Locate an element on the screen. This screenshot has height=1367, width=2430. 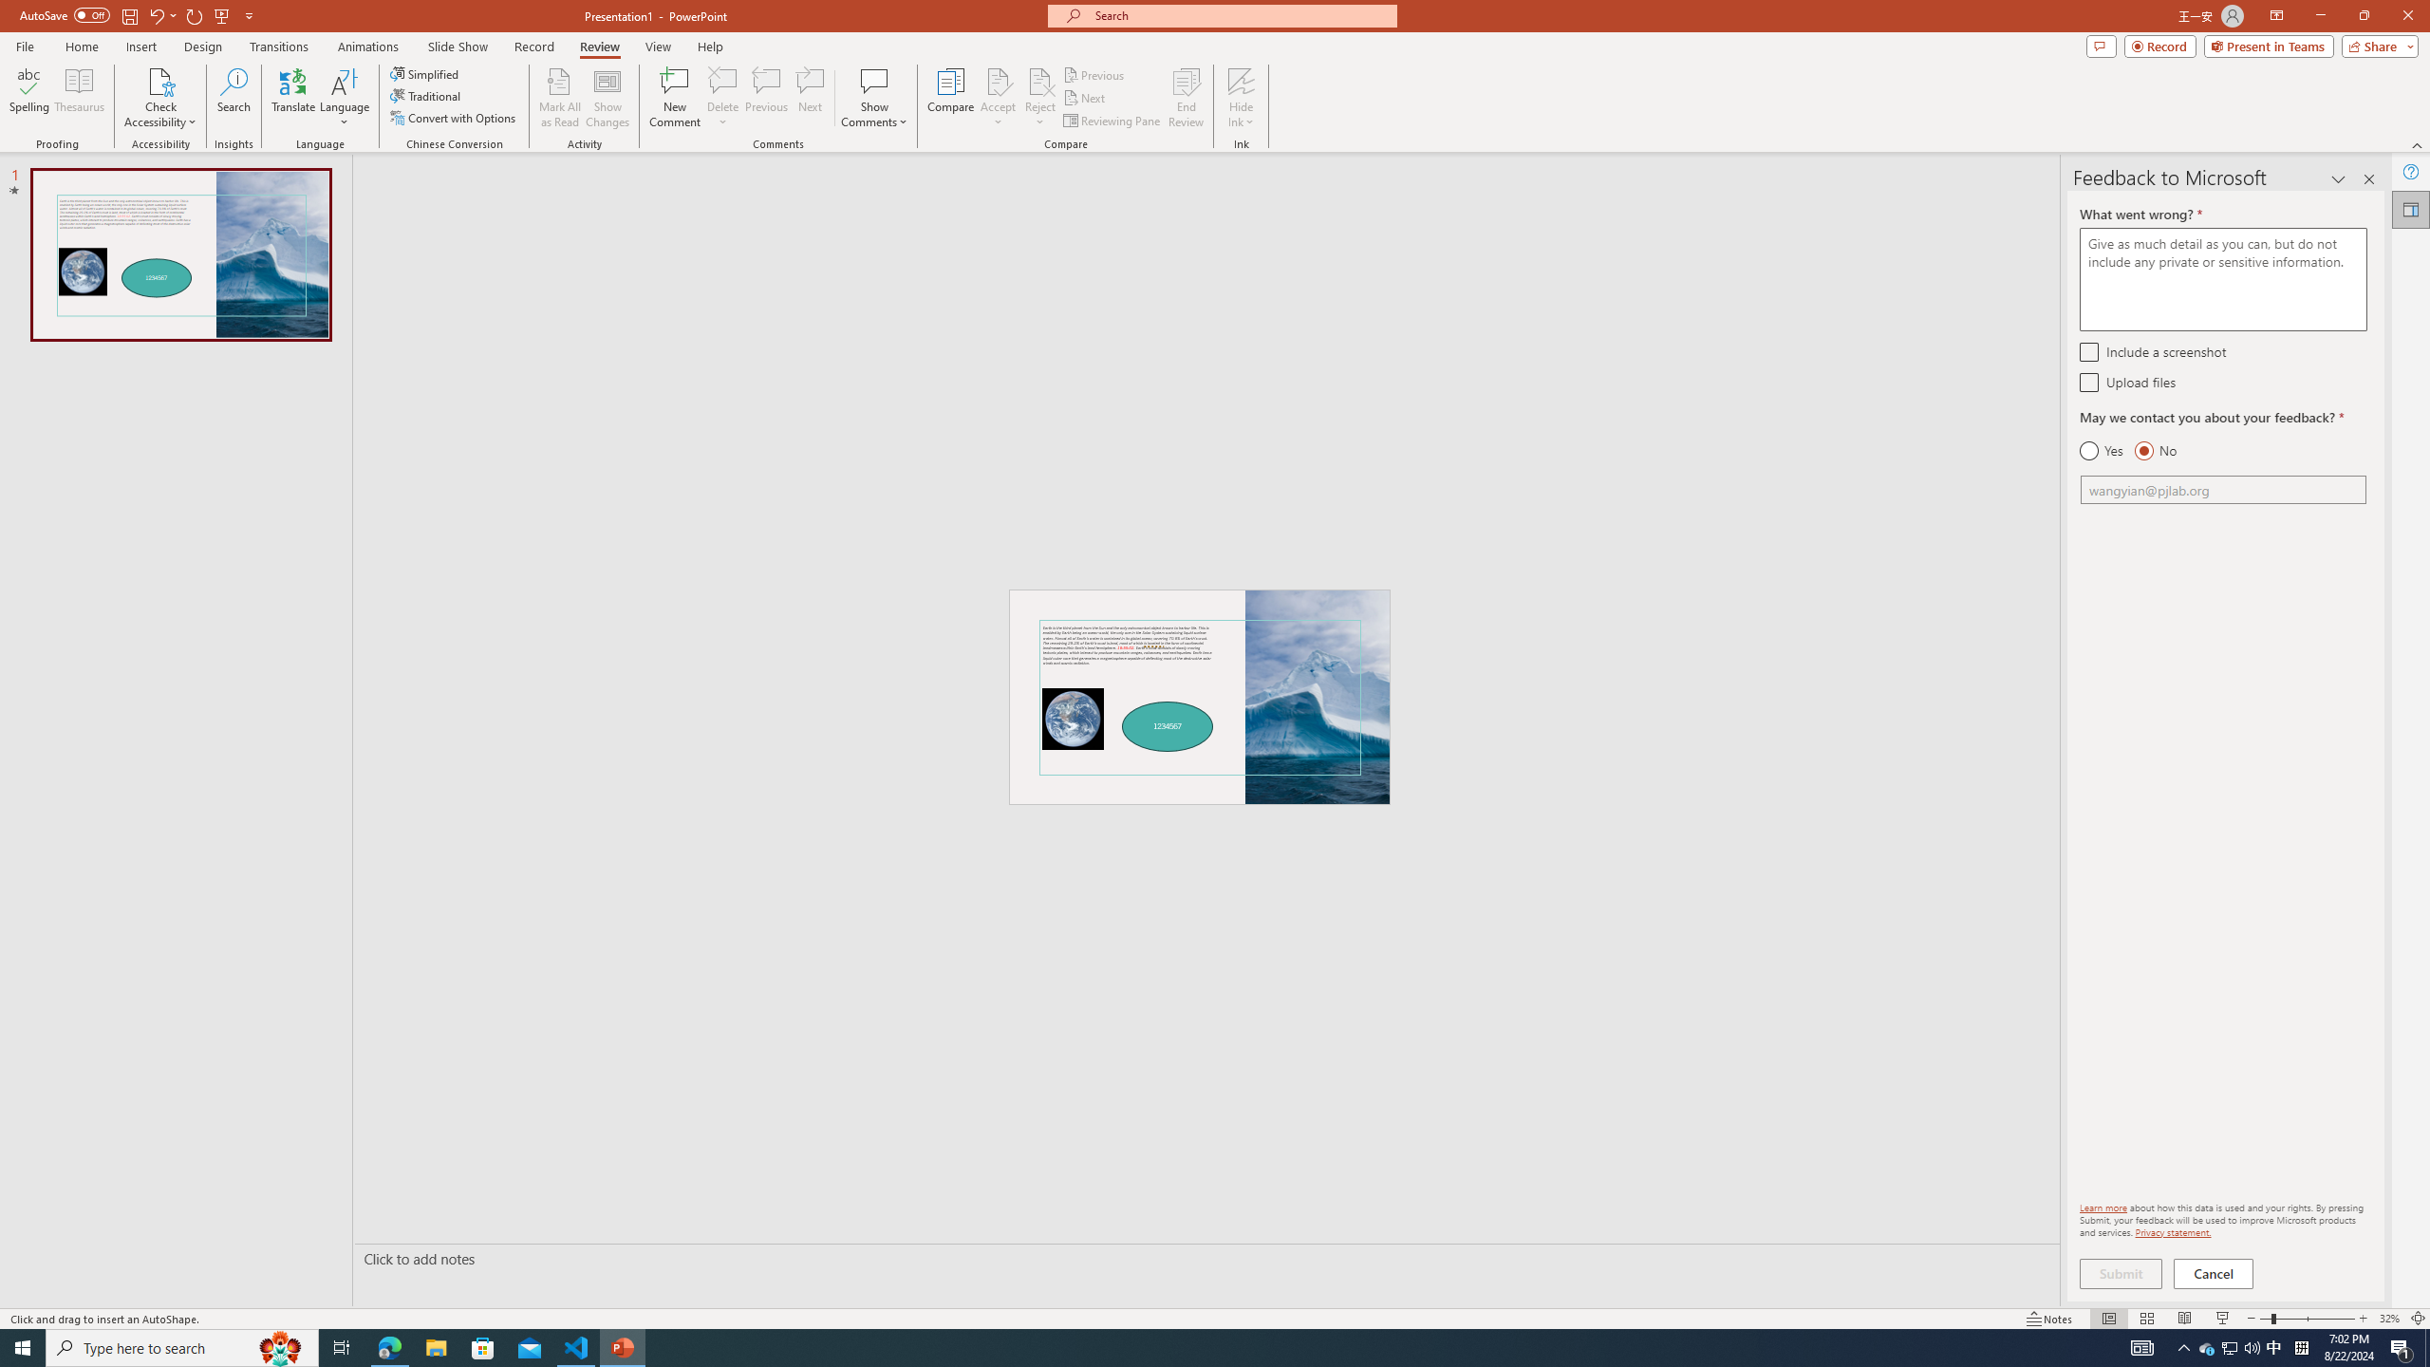
'Thesaurus...' is located at coordinates (78, 98).